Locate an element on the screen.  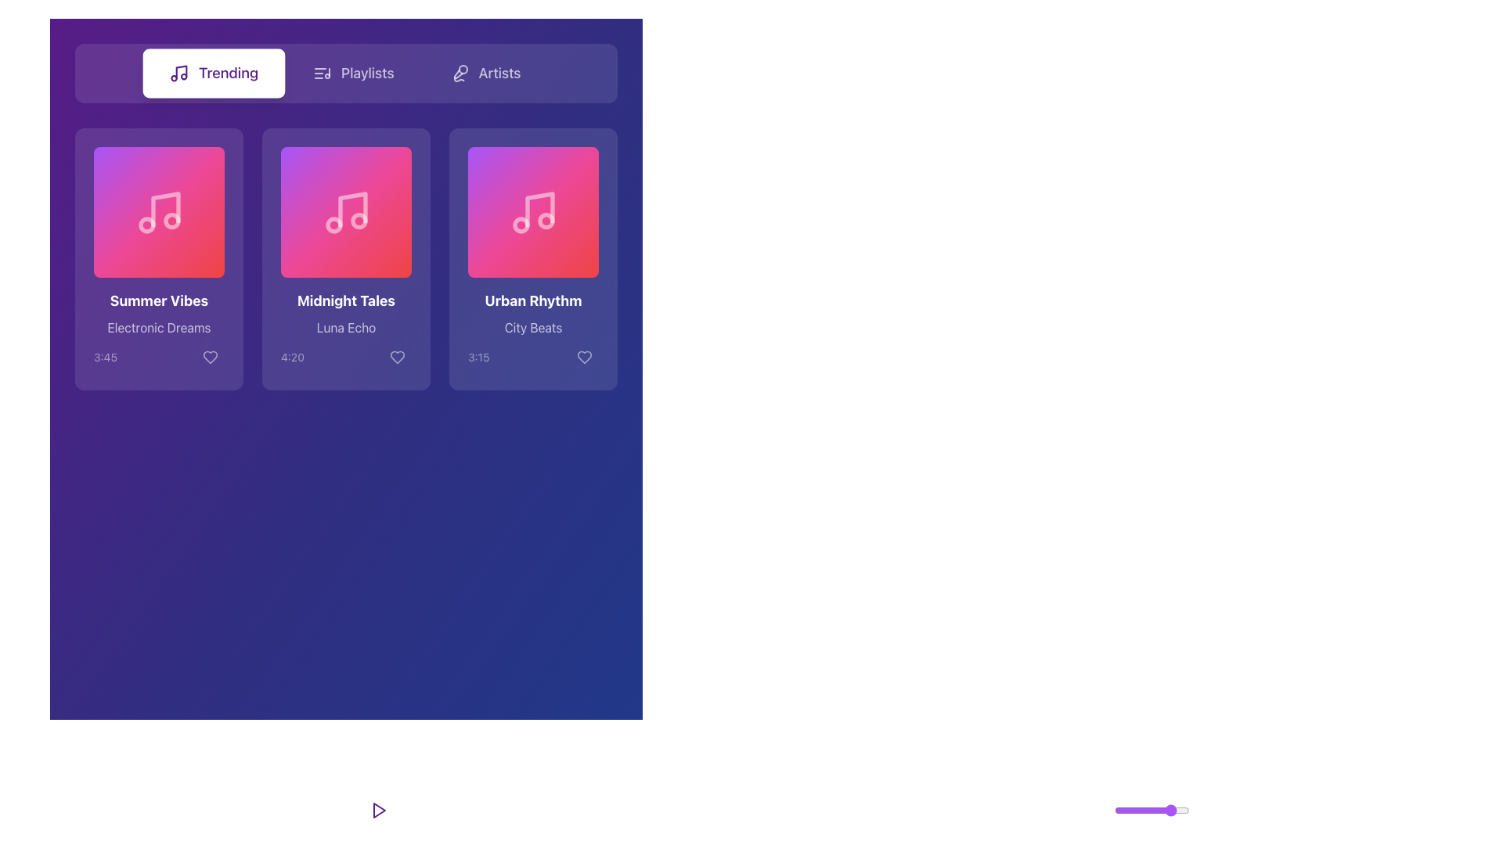
the text element displaying '4:20' located at the lower left corner of the 'Midnight Tales' card by artist 'Luna Echo' is located at coordinates (293, 357).